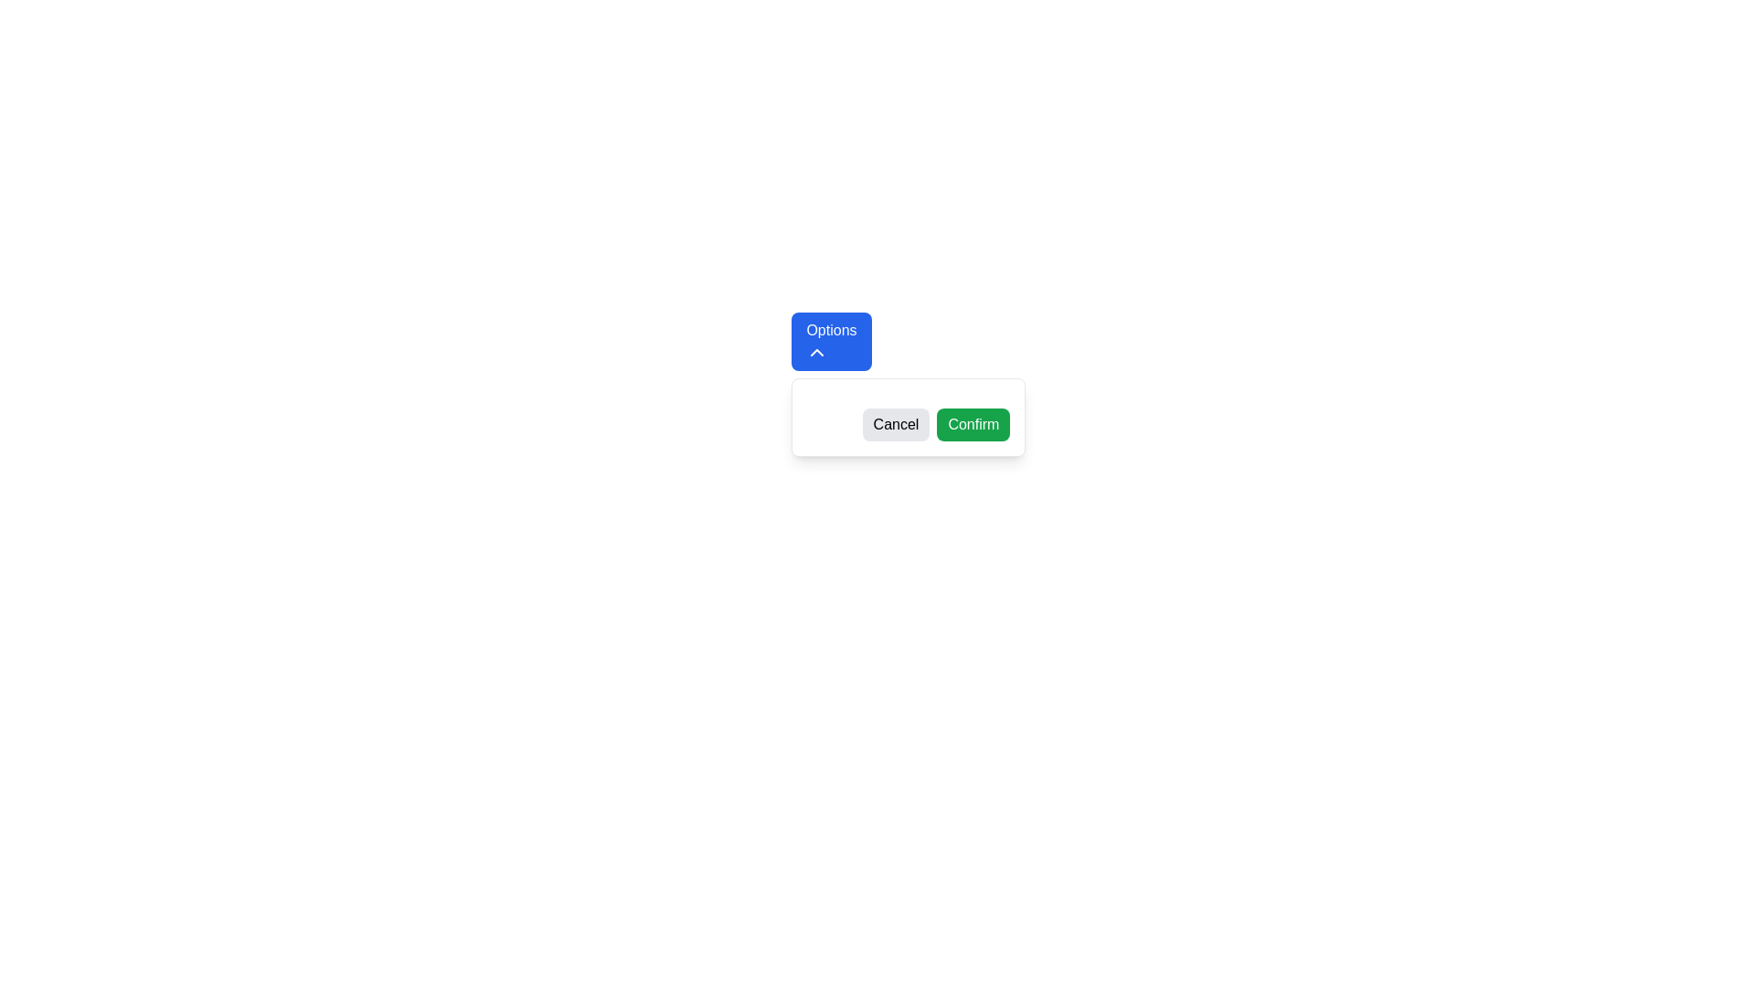  Describe the element at coordinates (909, 417) in the screenshot. I see `the Interactive button group containing the 'Cancel' and 'Confirm' buttons` at that location.